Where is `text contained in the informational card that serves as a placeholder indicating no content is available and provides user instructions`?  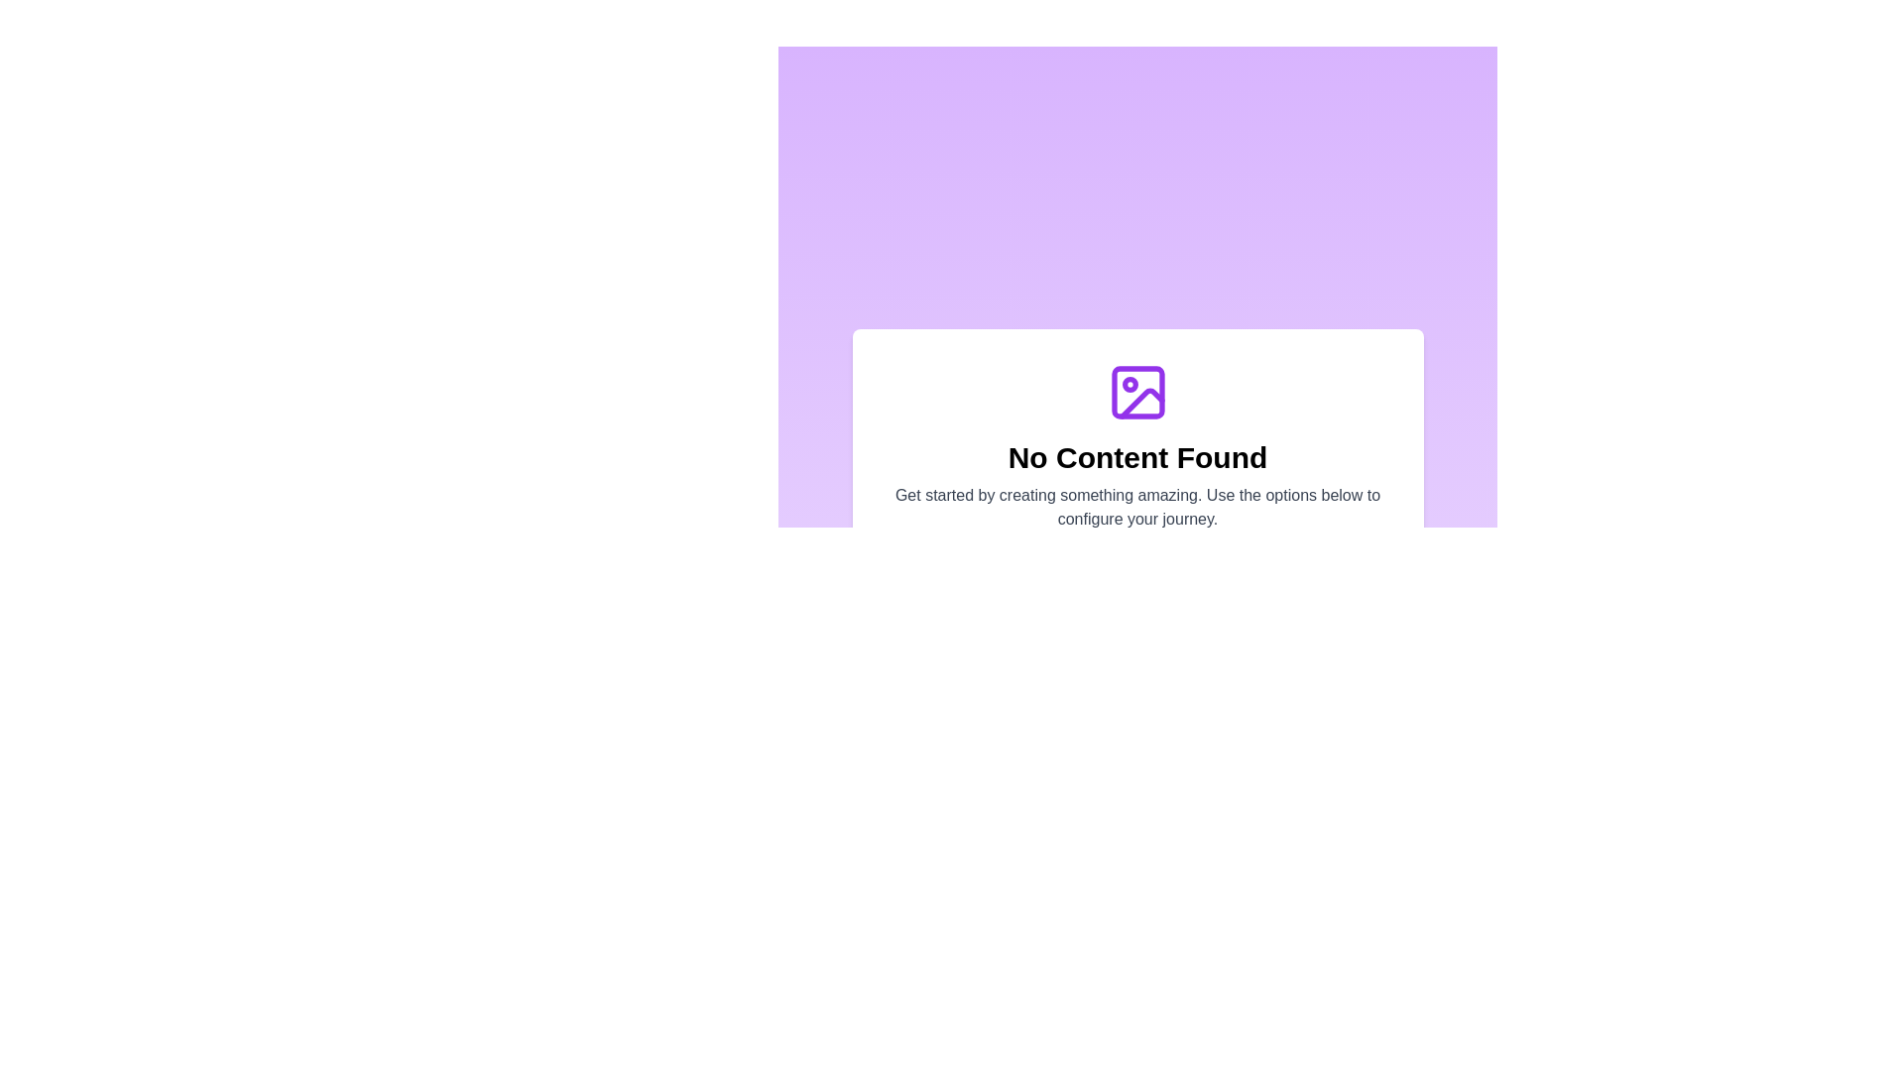
text contained in the informational card that serves as a placeholder indicating no content is available and provides user instructions is located at coordinates (1137, 478).